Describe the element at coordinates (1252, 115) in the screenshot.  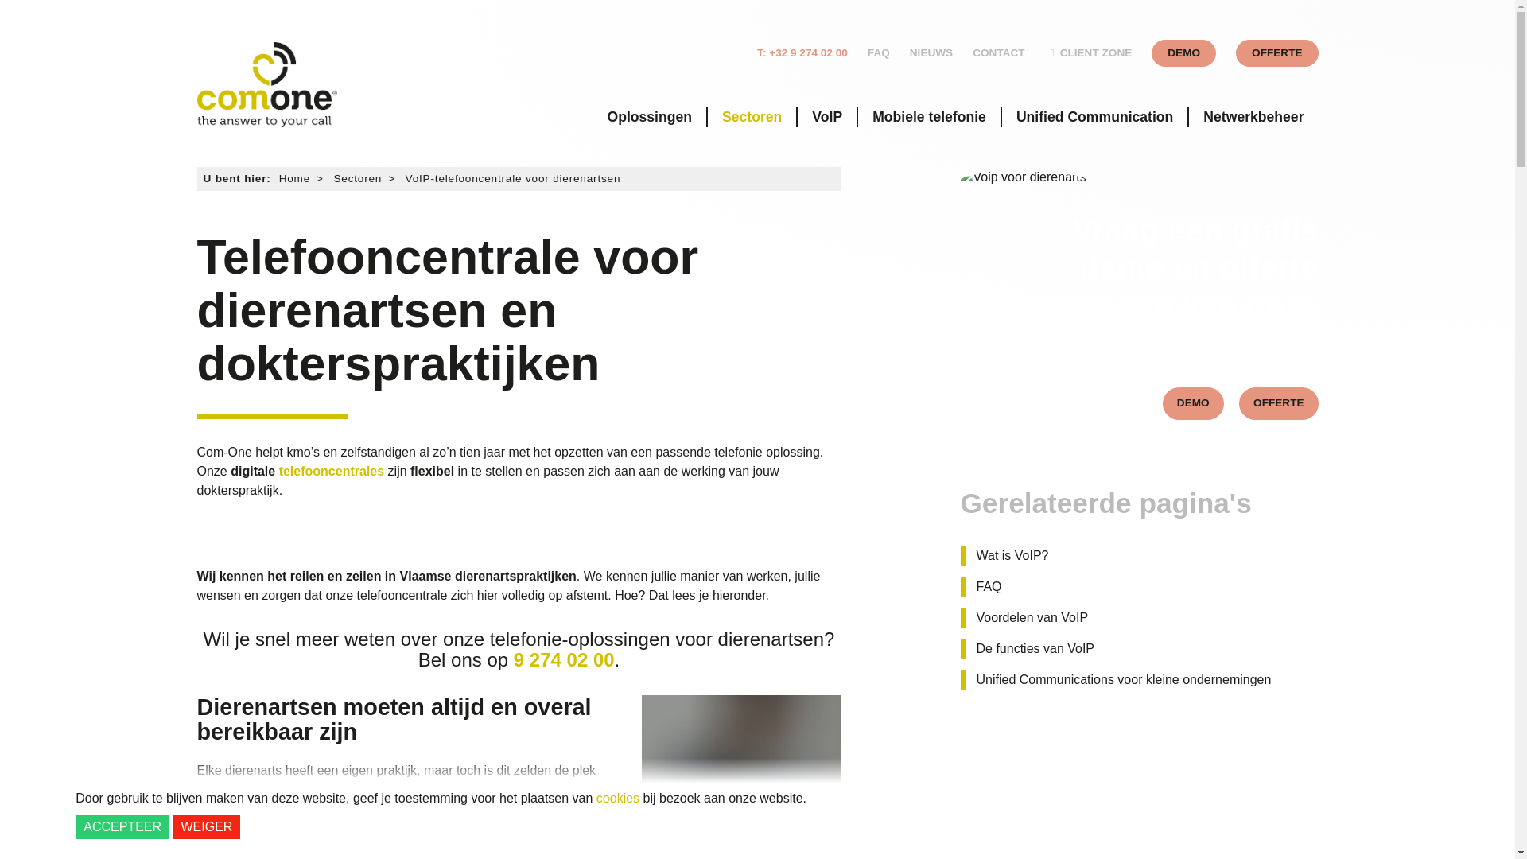
I see `'Netwerkbeheer'` at that location.